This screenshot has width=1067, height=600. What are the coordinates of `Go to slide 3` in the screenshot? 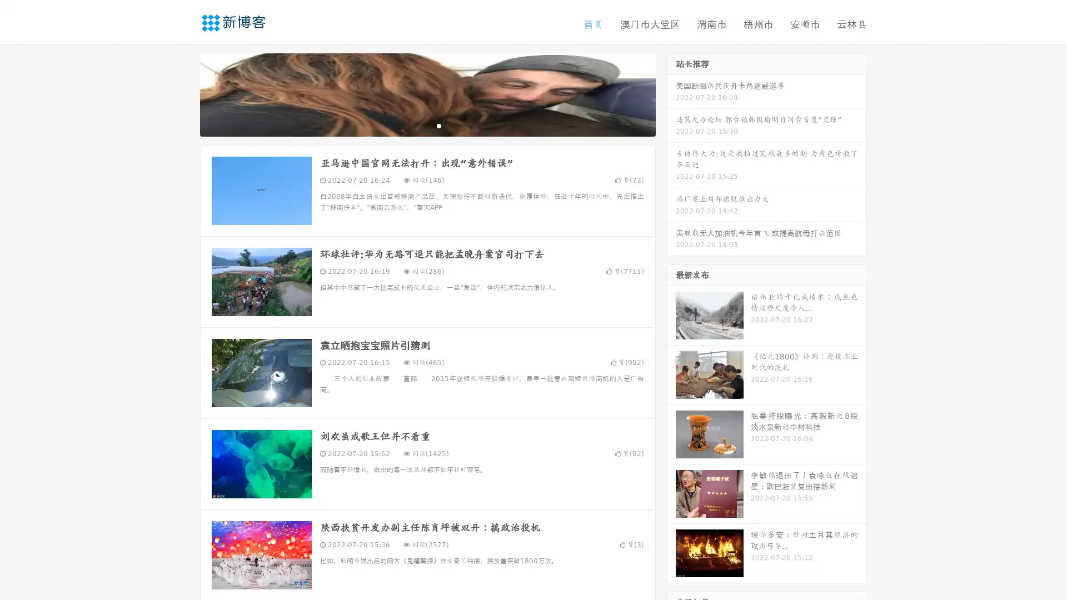 It's located at (438, 125).